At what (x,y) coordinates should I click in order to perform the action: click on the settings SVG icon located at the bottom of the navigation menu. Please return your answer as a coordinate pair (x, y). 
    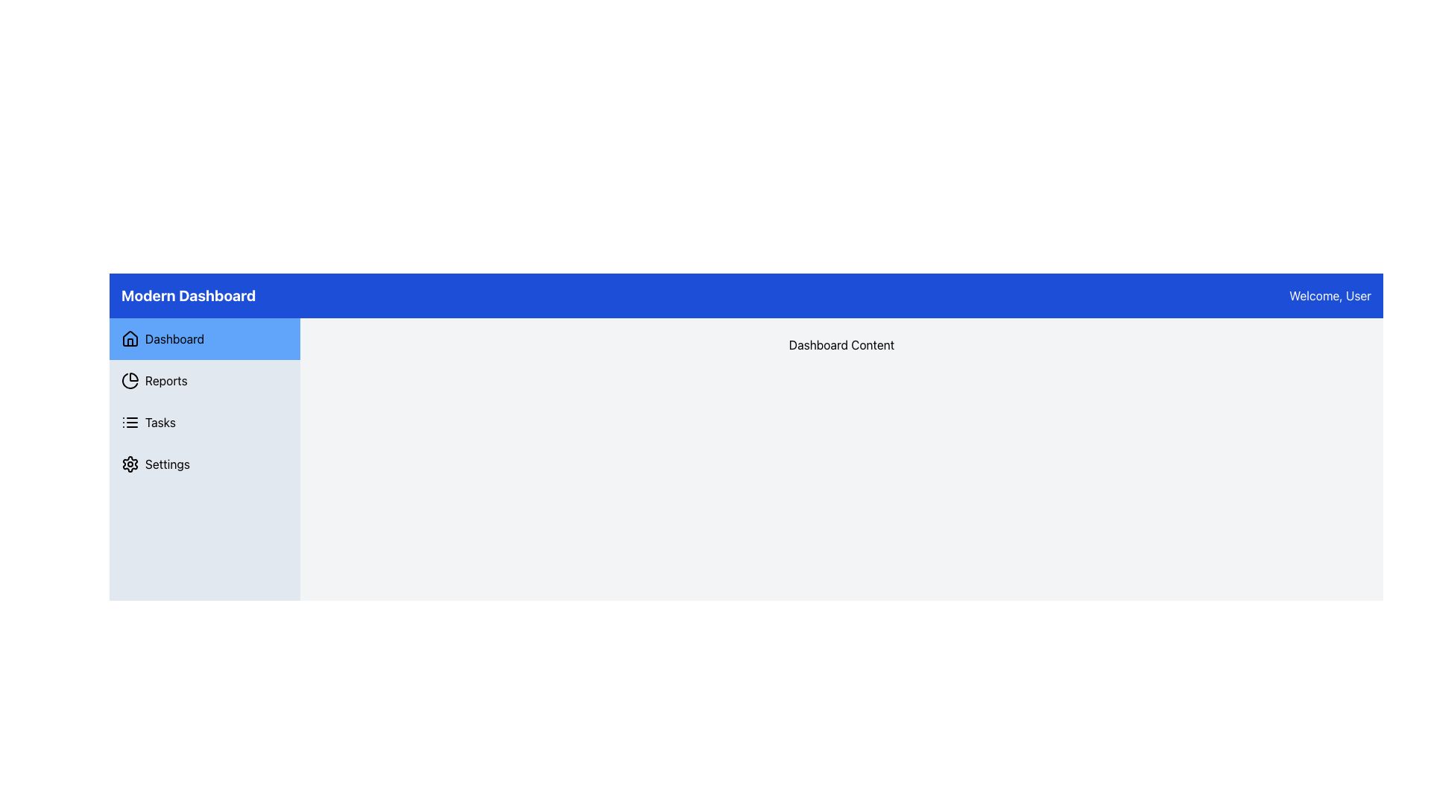
    Looking at the image, I should click on (130, 464).